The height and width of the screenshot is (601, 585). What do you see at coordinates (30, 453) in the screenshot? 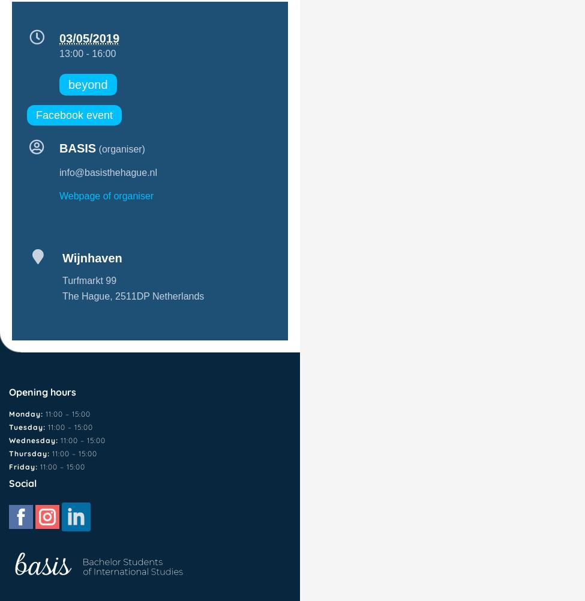
I see `'Thursday:'` at bounding box center [30, 453].